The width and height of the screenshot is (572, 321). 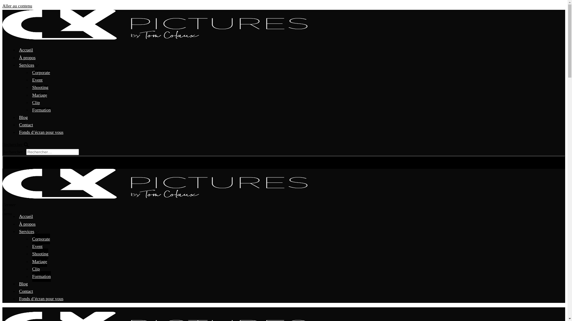 I want to click on 'Event', so click(x=37, y=246).